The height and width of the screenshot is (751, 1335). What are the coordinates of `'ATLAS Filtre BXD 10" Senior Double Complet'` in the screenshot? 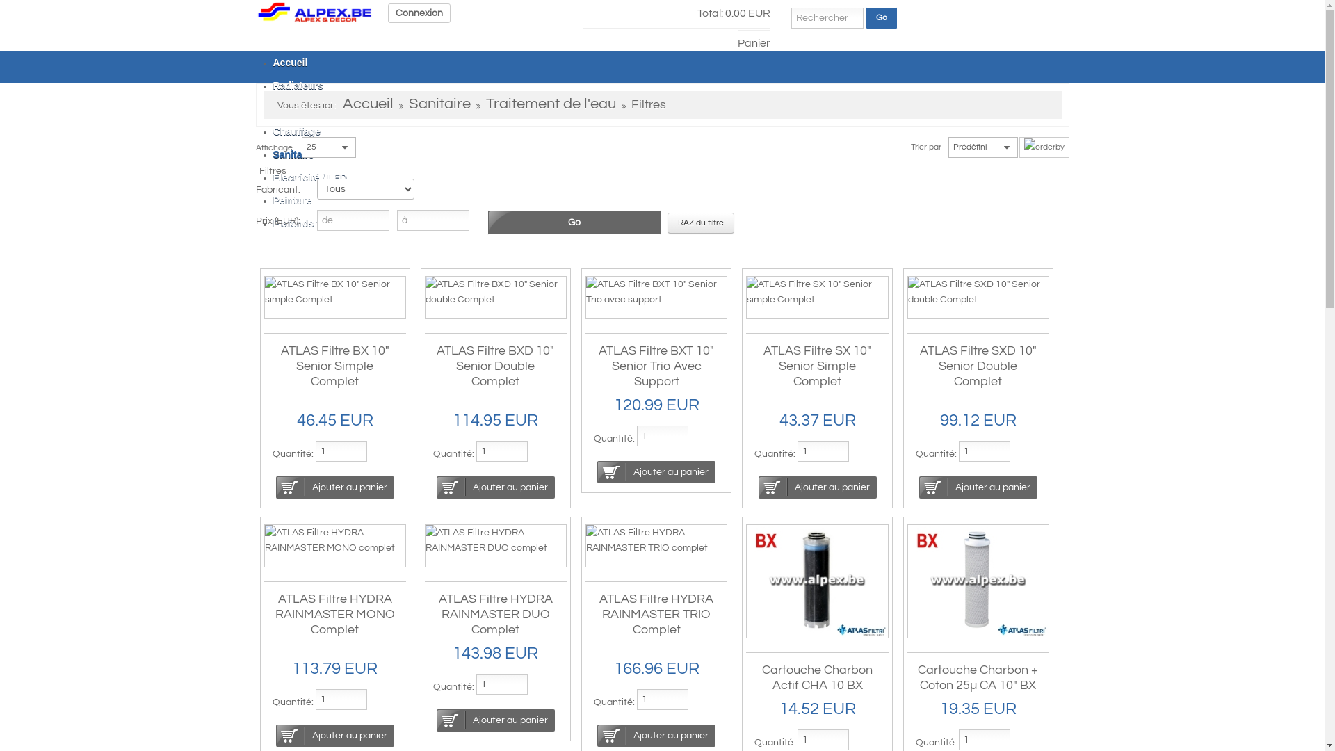 It's located at (495, 365).